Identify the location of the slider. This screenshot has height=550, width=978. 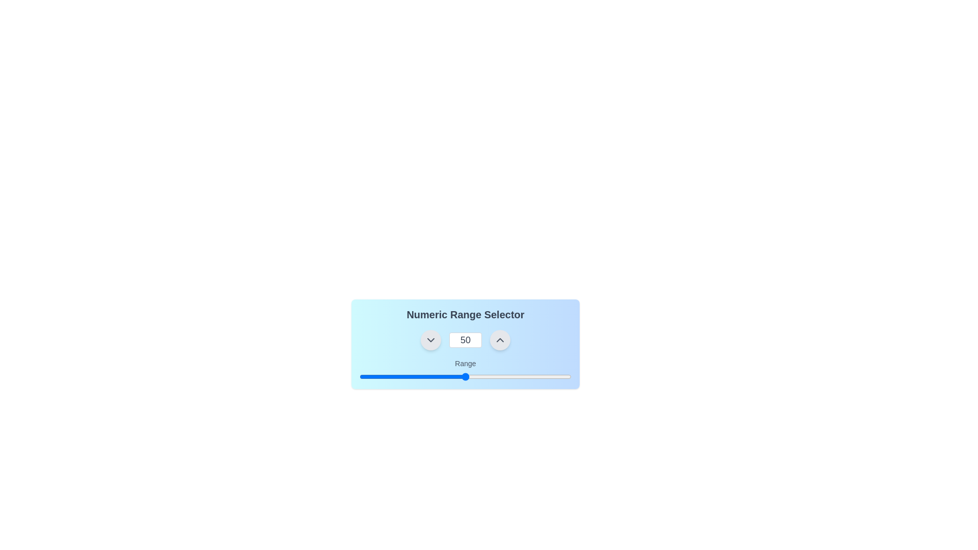
(558, 377).